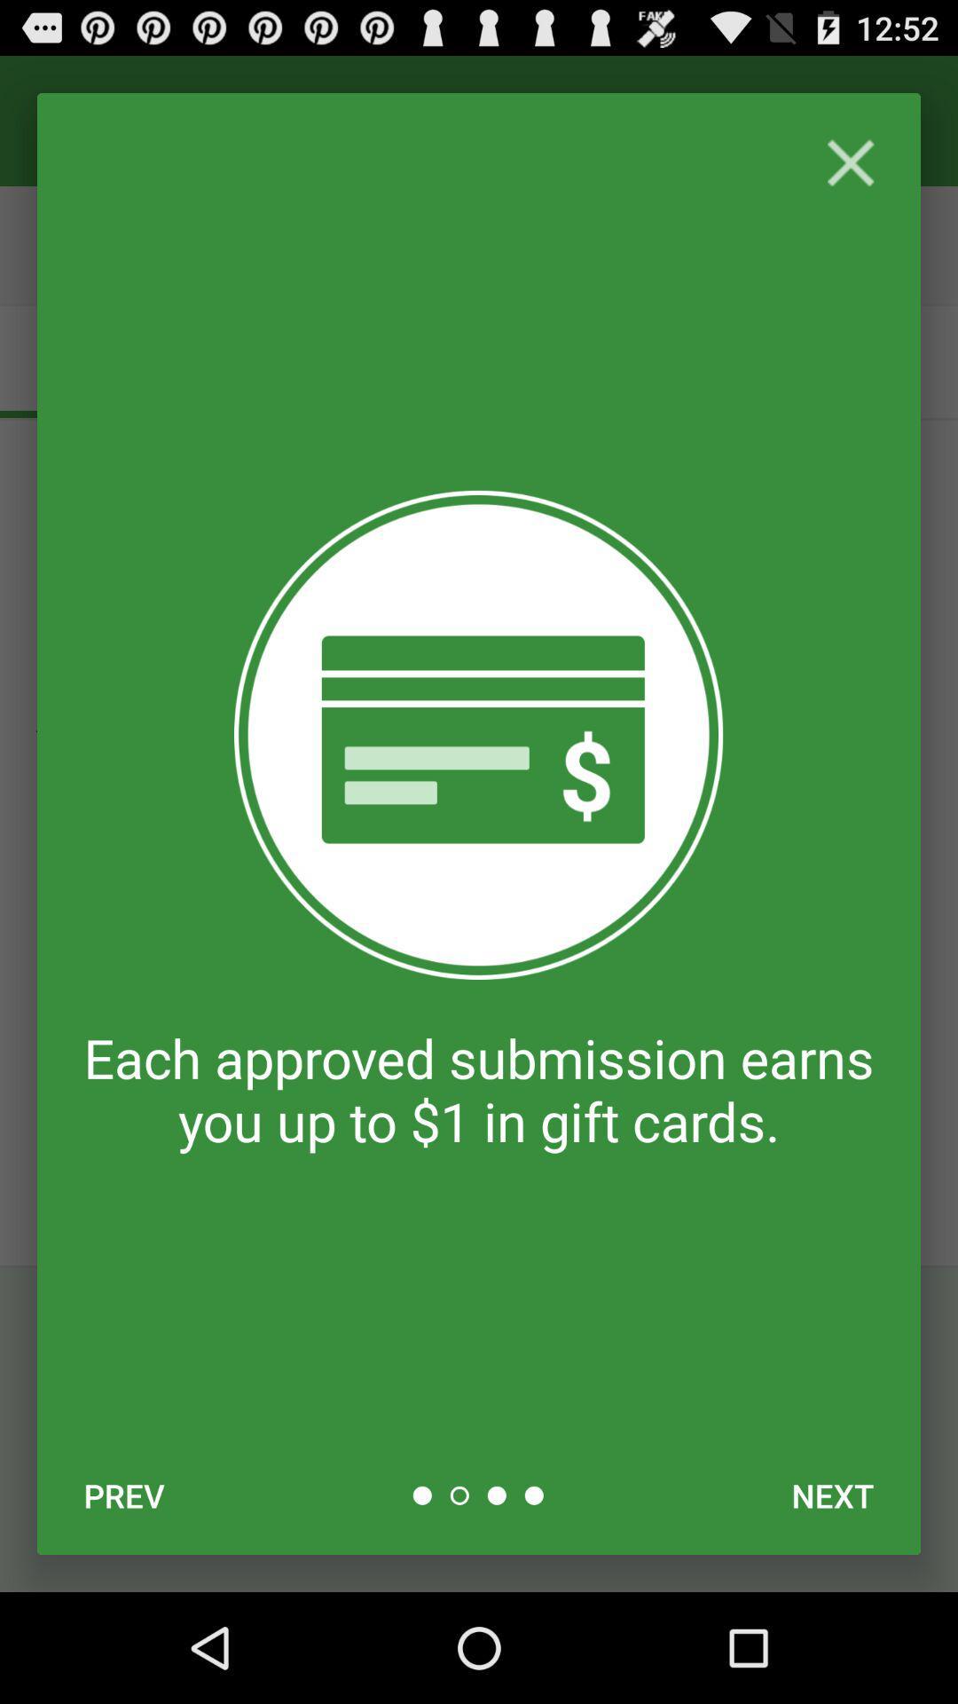 The image size is (958, 1704). Describe the element at coordinates (123, 1495) in the screenshot. I see `the item below the each approved submission icon` at that location.